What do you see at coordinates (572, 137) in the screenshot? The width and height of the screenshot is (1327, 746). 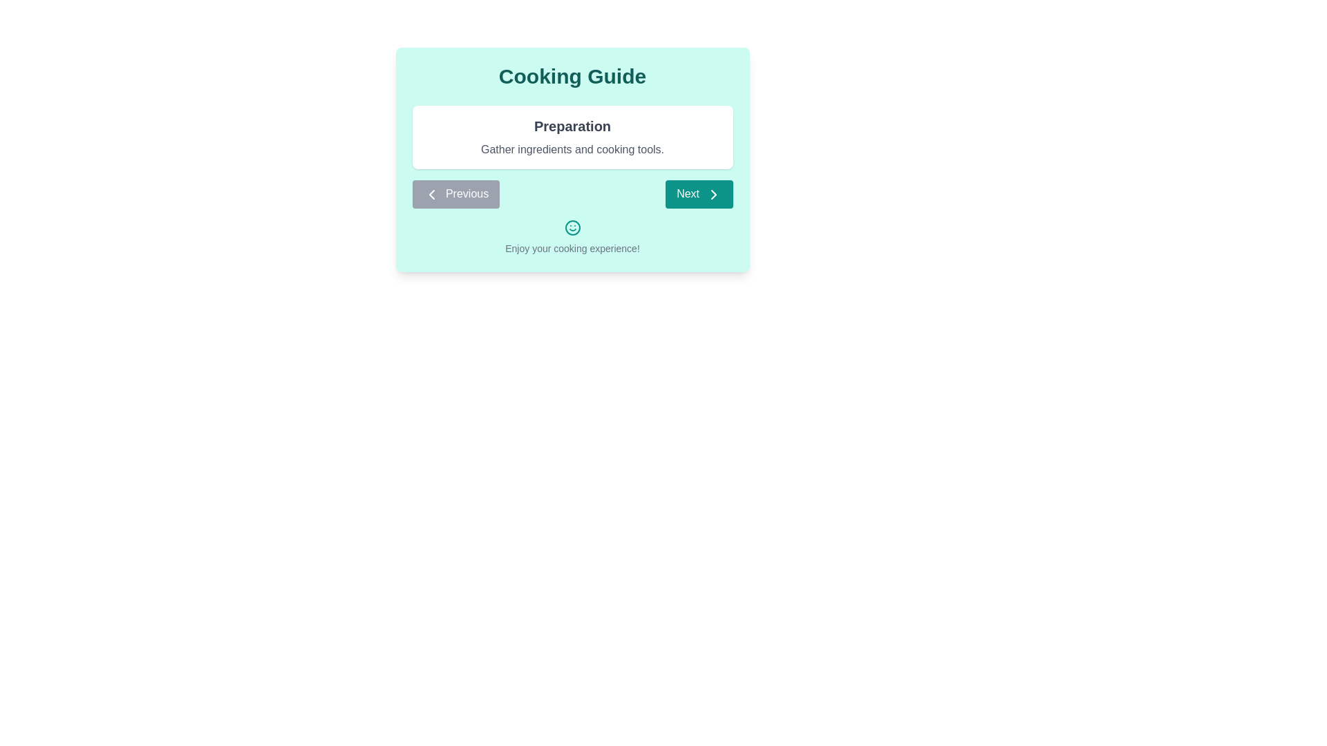 I see `text content of the informational section titled 'Preparation' with subtitle 'Gather ingredients and cooking tools.'` at bounding box center [572, 137].